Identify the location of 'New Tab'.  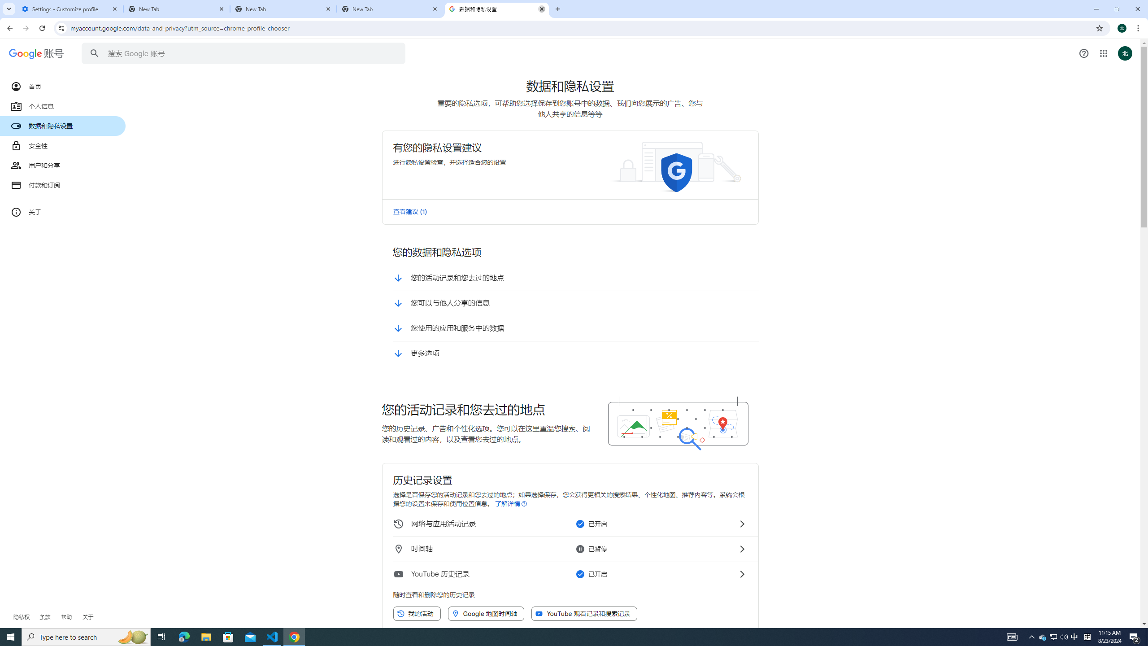
(390, 9).